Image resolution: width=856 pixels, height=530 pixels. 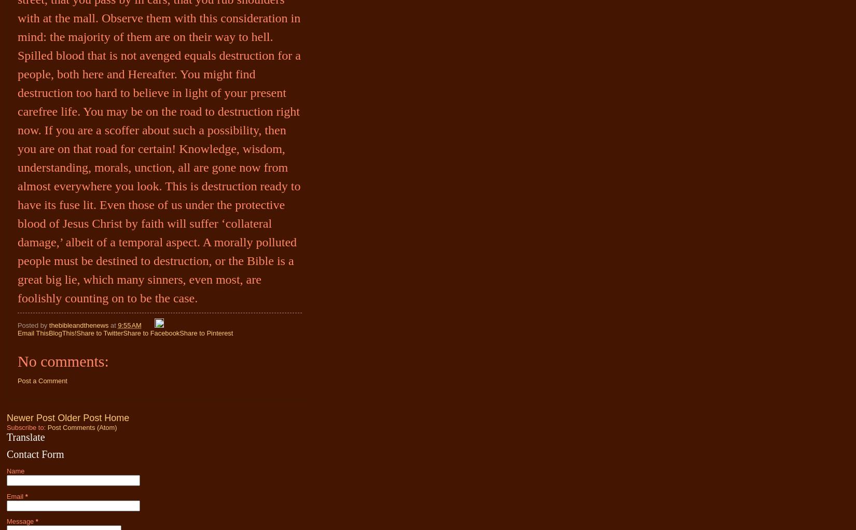 I want to click on 'Subscribe to:', so click(x=26, y=426).